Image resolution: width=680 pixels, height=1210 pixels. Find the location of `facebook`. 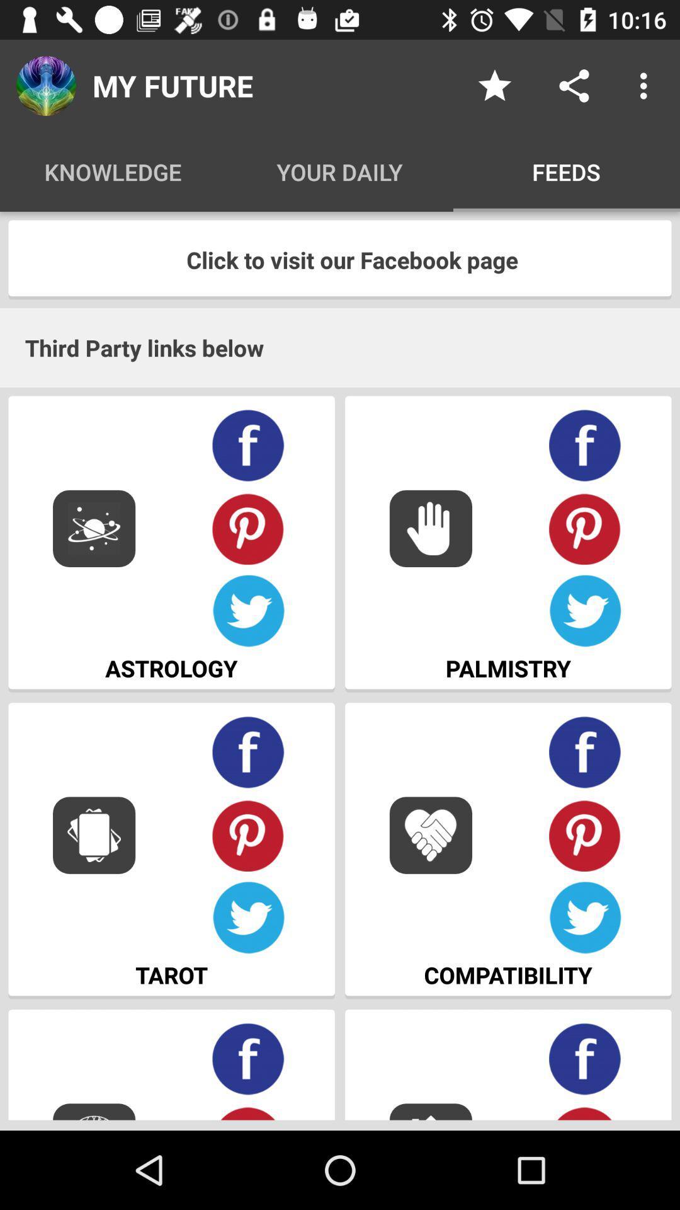

facebook is located at coordinates (585, 1059).